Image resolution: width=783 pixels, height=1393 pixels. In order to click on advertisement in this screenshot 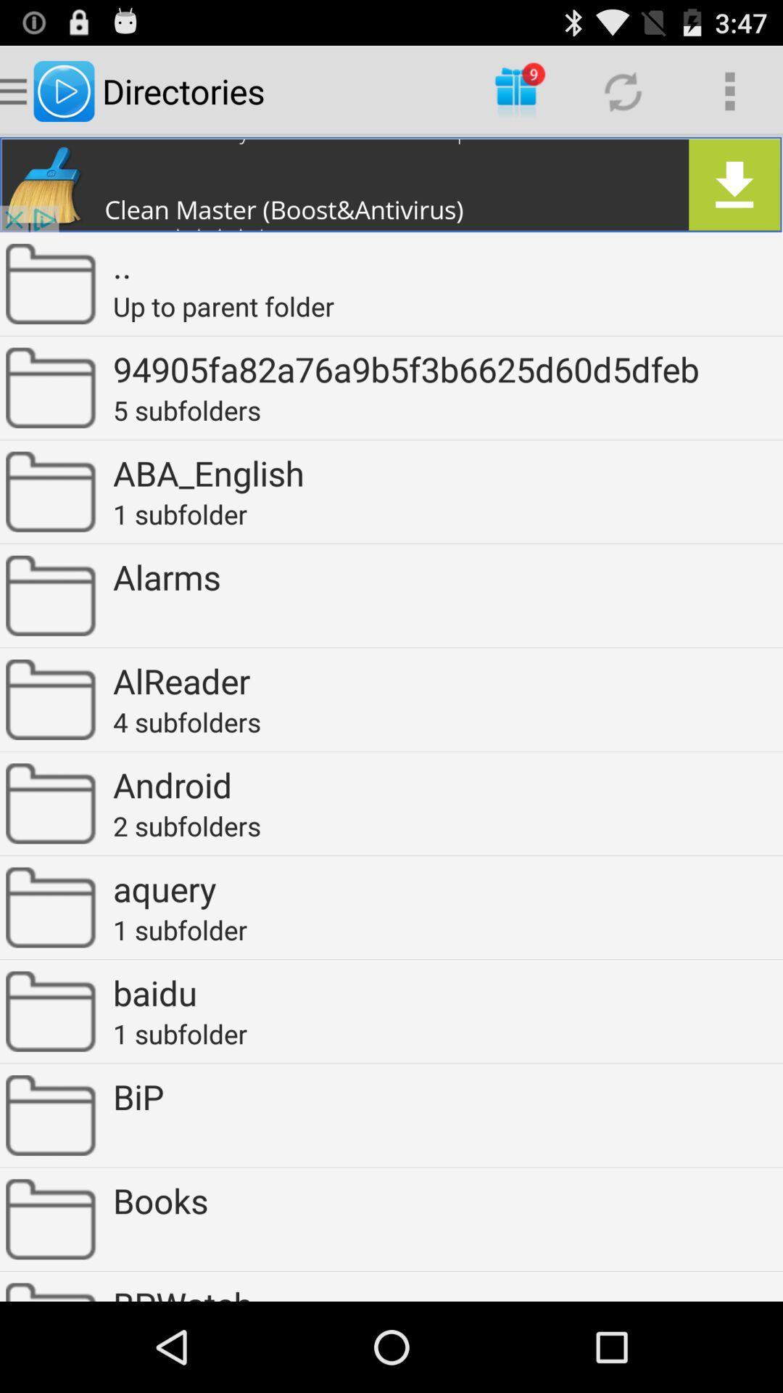, I will do `click(391, 184)`.